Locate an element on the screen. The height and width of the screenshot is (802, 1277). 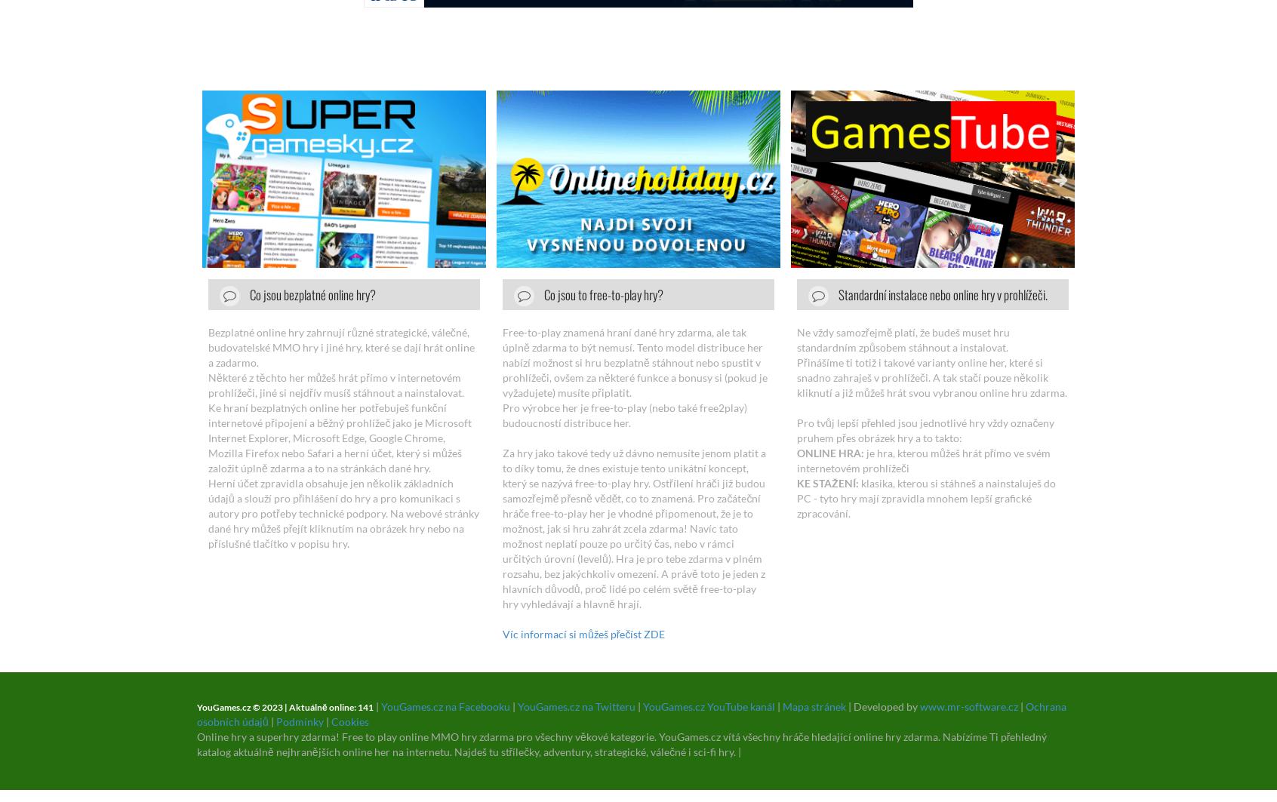
'Cookies' is located at coordinates (348, 721).